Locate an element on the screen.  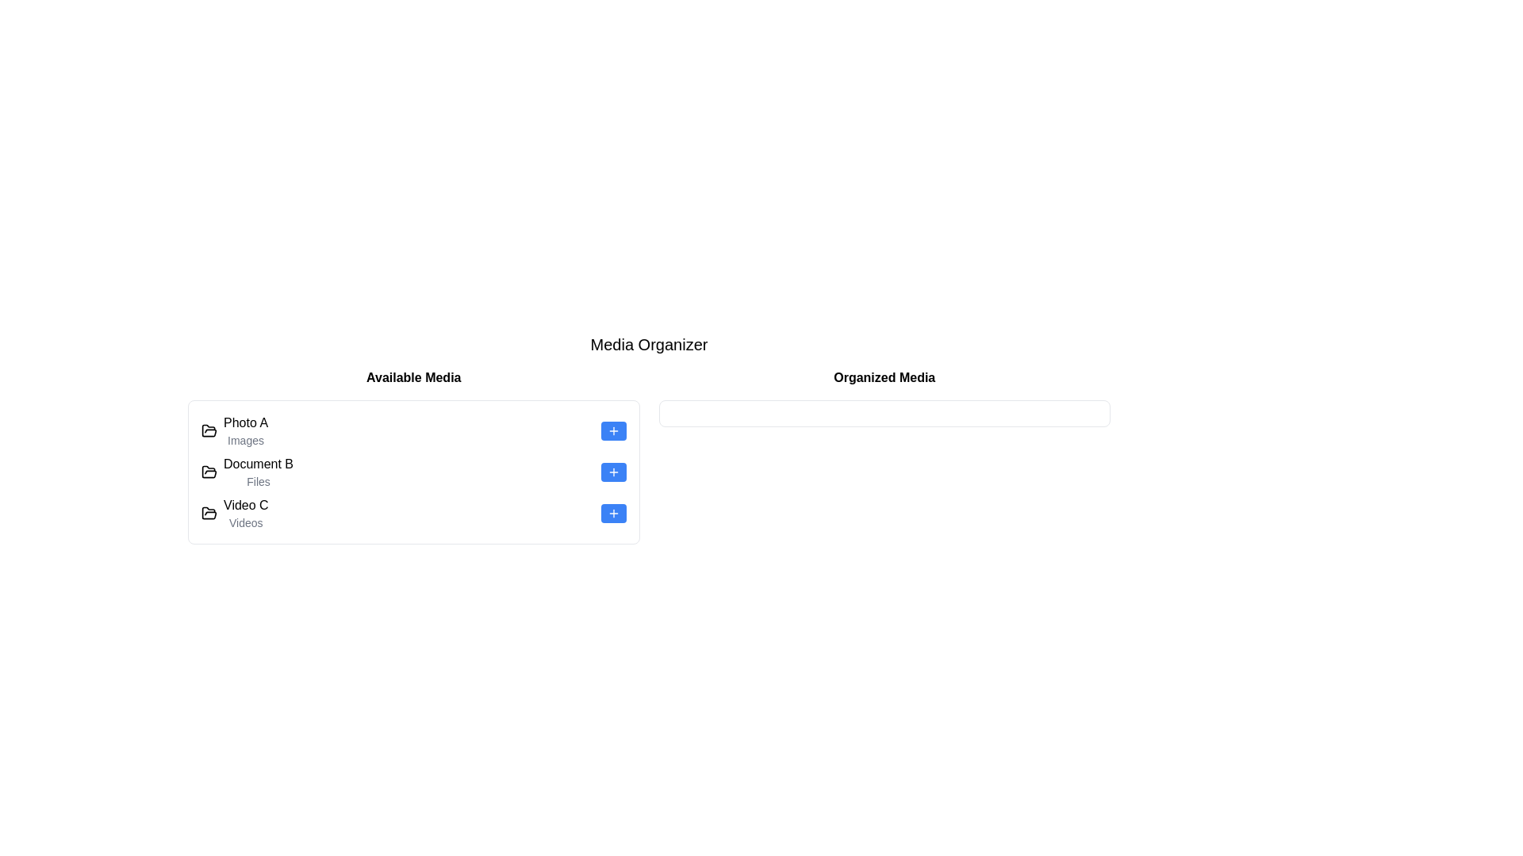
the circular '+' icon button located is located at coordinates (612, 430).